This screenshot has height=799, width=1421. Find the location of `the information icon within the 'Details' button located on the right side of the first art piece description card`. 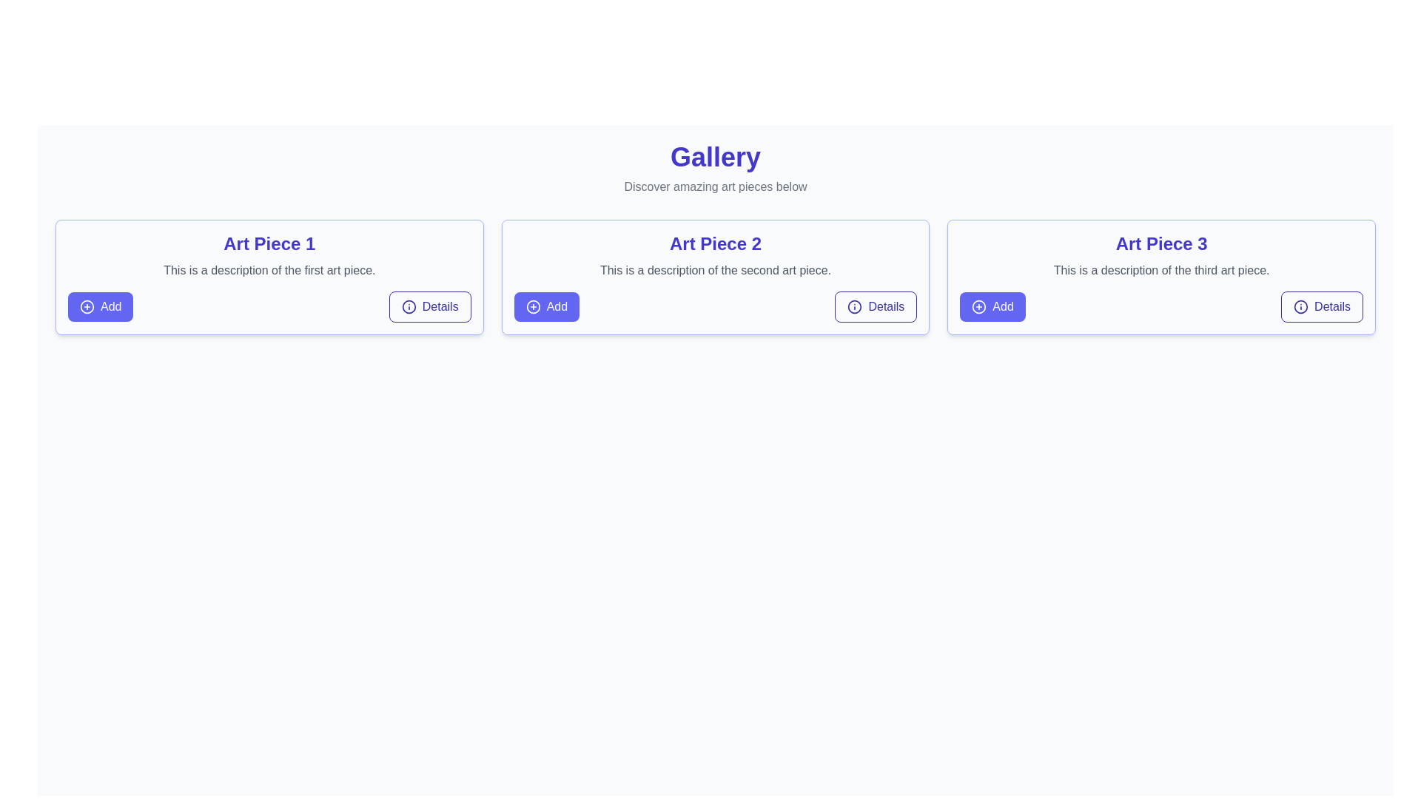

the information icon within the 'Details' button located on the right side of the first art piece description card is located at coordinates (409, 306).